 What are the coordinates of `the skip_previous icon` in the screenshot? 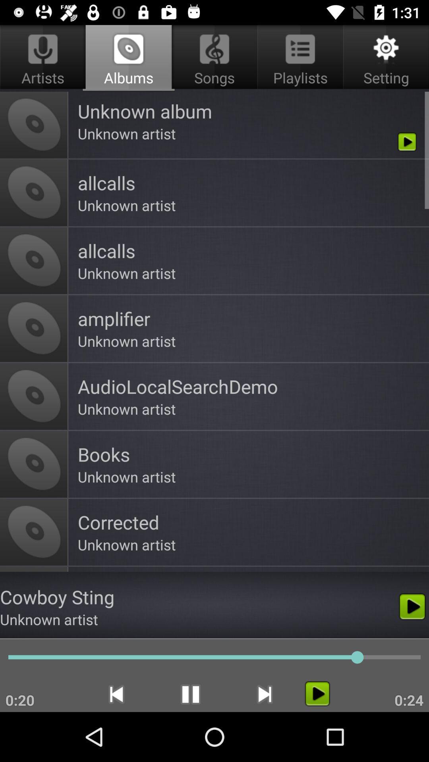 It's located at (116, 694).